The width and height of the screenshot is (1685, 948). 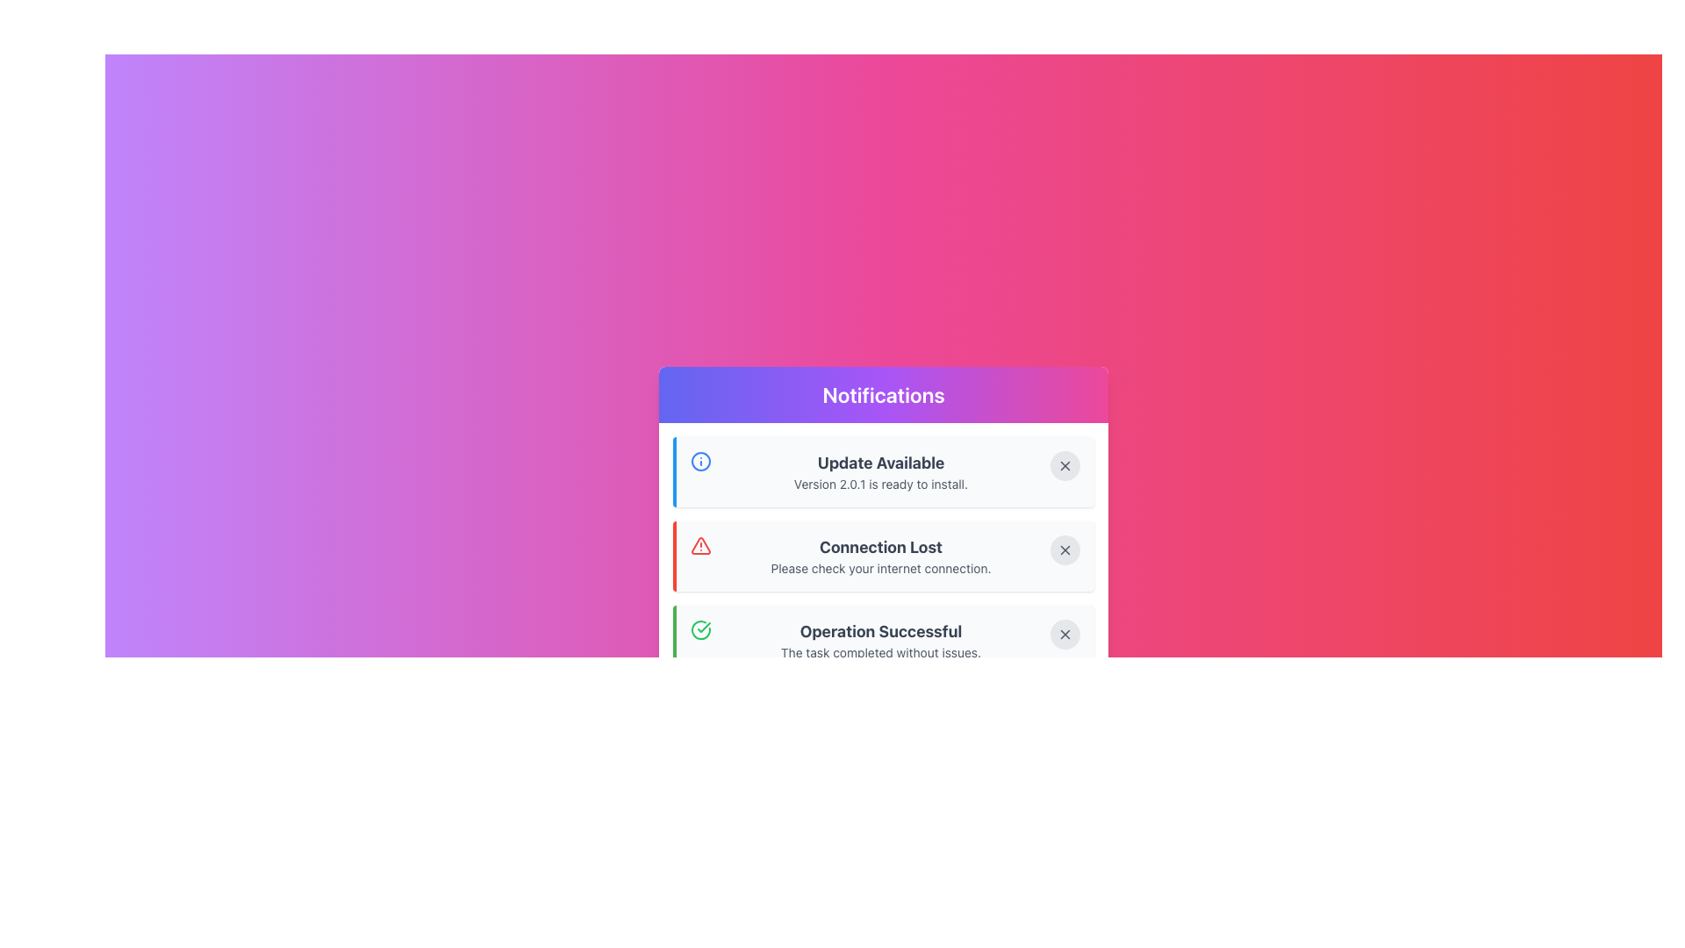 What do you see at coordinates (704, 626) in the screenshot?
I see `the green-bordered circular icon indicating a successful operation in the top-right area of the 'Operation Successful' notification module` at bounding box center [704, 626].